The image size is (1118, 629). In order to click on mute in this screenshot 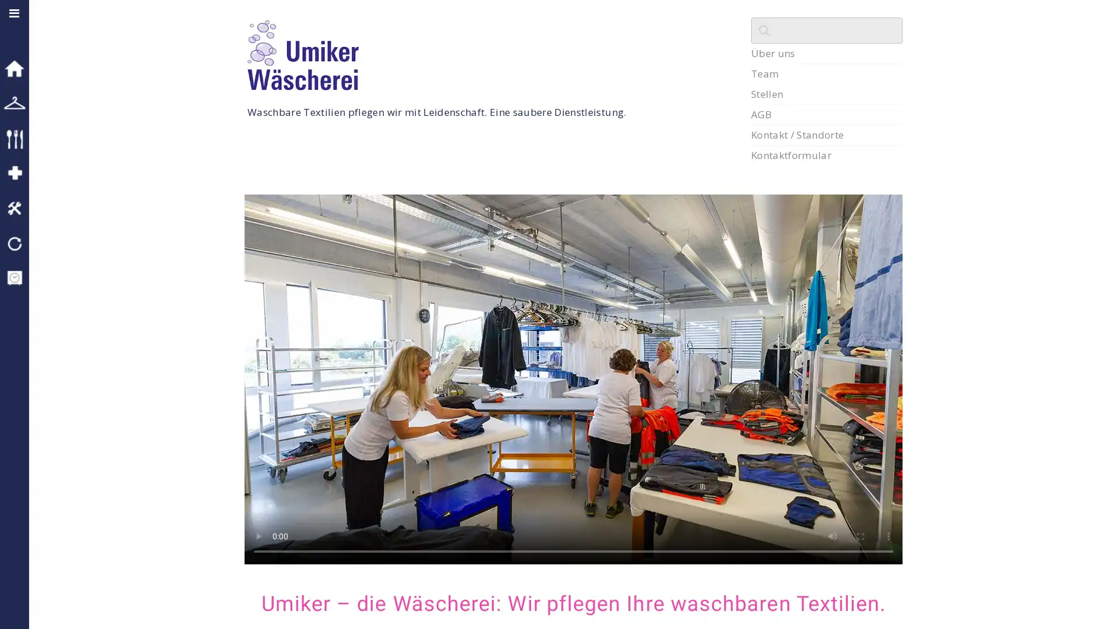, I will do `click(832, 536)`.